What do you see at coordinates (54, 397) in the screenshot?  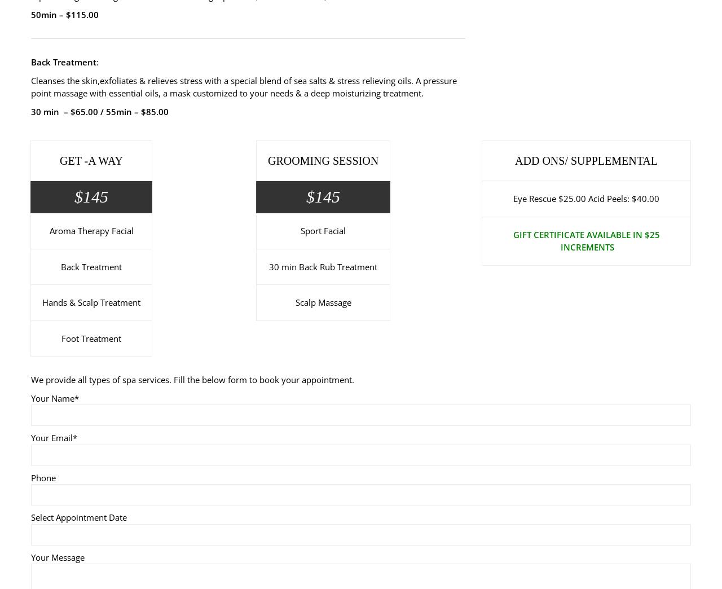 I see `'Your Name*'` at bounding box center [54, 397].